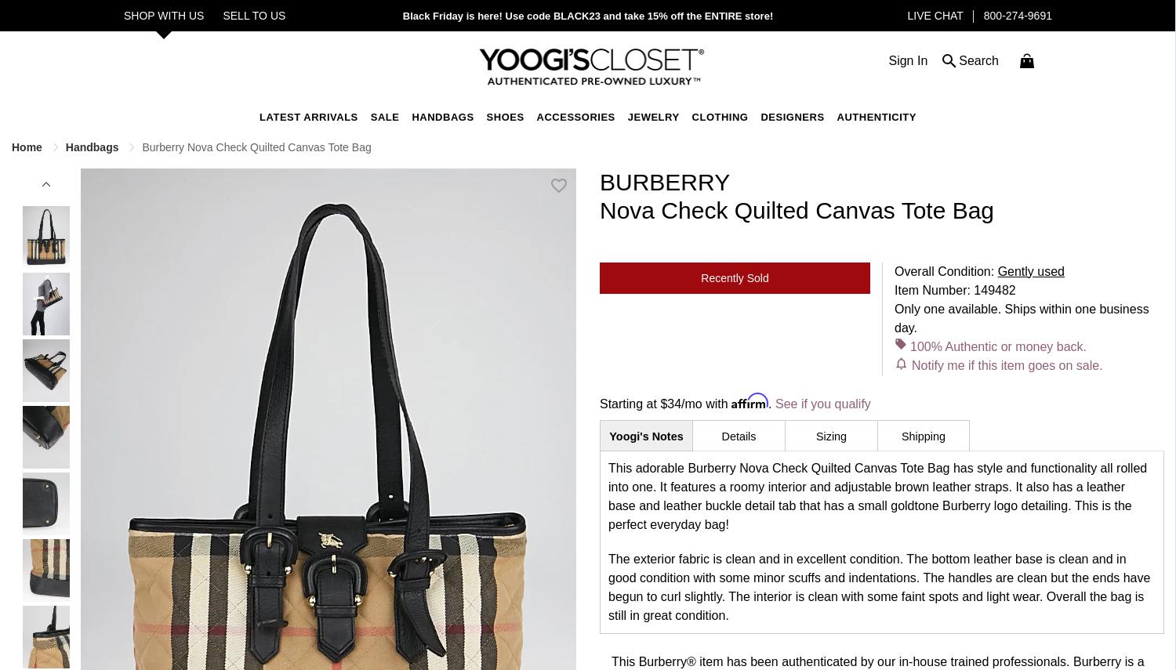 The image size is (1176, 670). I want to click on 'Shipping', so click(923, 436).